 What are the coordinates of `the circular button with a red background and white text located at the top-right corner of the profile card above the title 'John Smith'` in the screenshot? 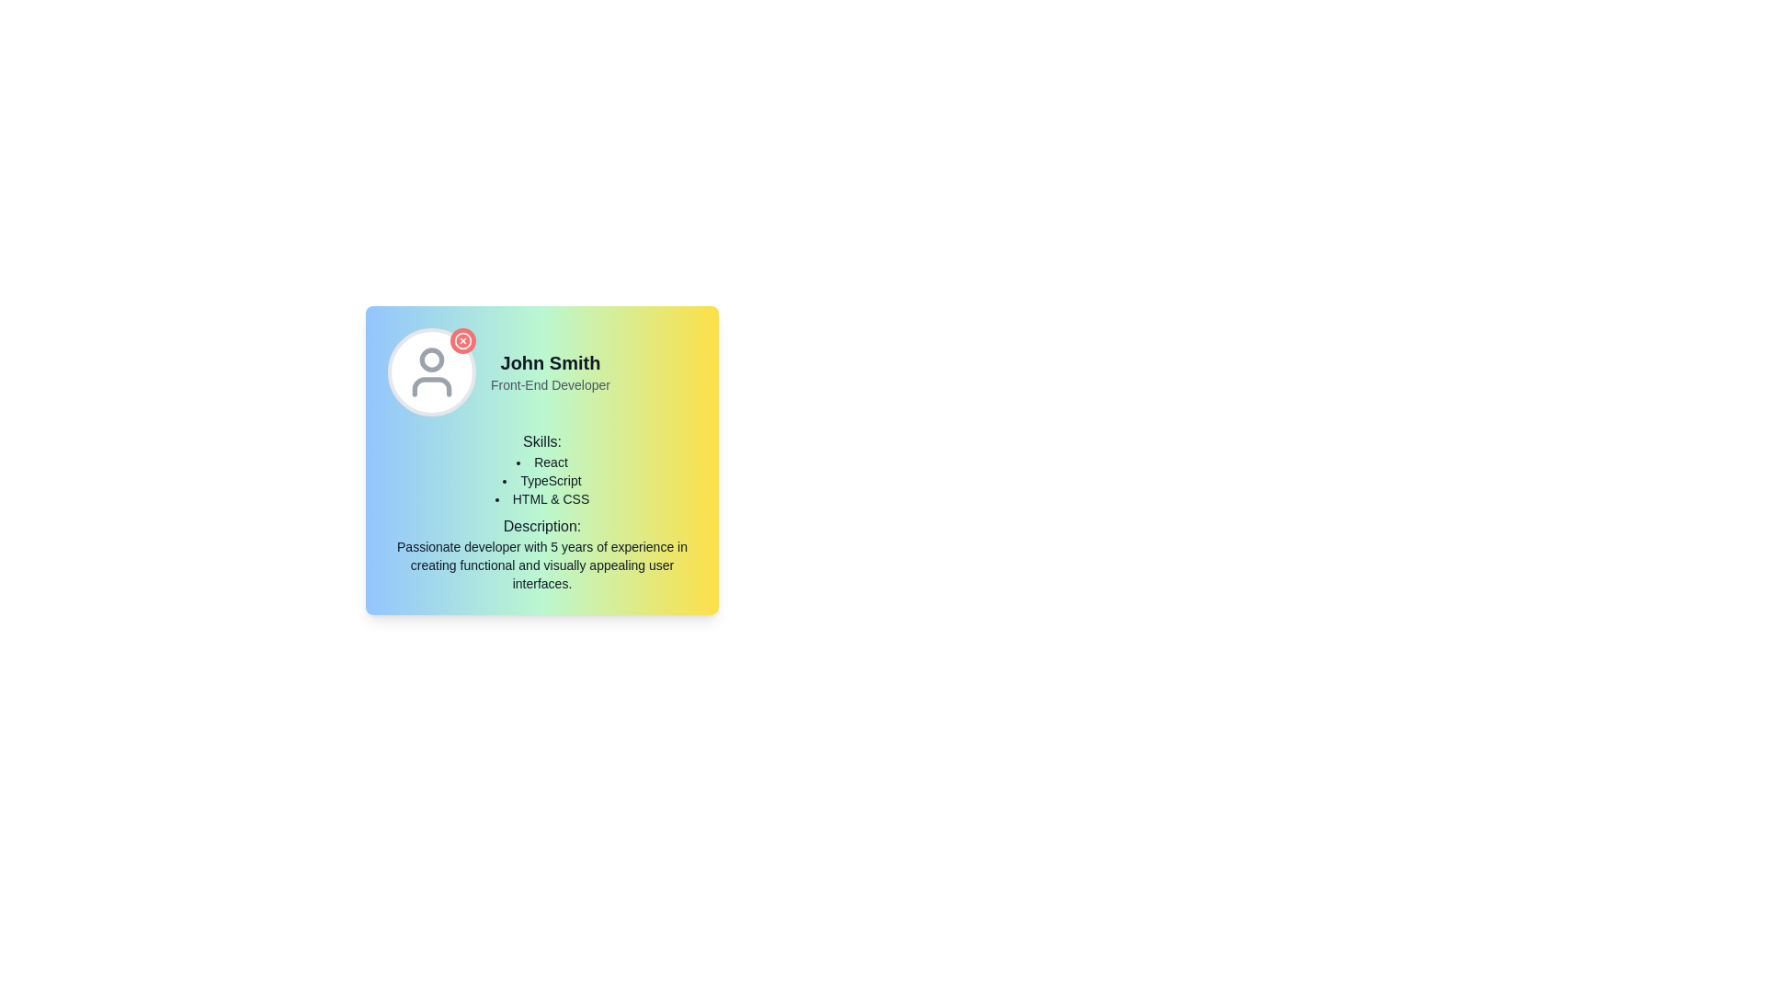 It's located at (463, 340).